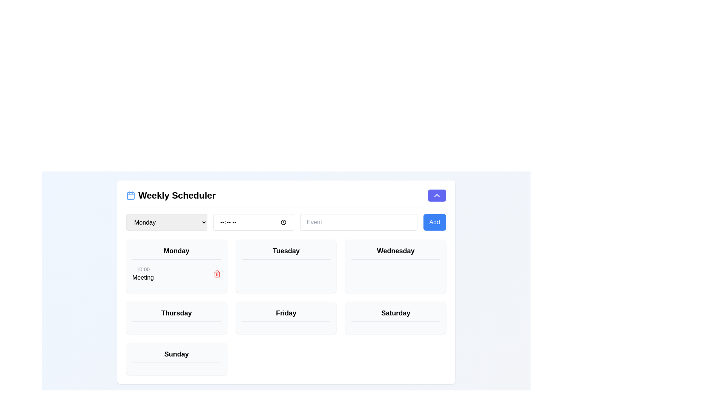 The image size is (724, 407). I want to click on the 'Friday' Text Label in the weekly schedule interface, which is located in the bottom row, second column of the grid and has a light gray background, so click(285, 315).